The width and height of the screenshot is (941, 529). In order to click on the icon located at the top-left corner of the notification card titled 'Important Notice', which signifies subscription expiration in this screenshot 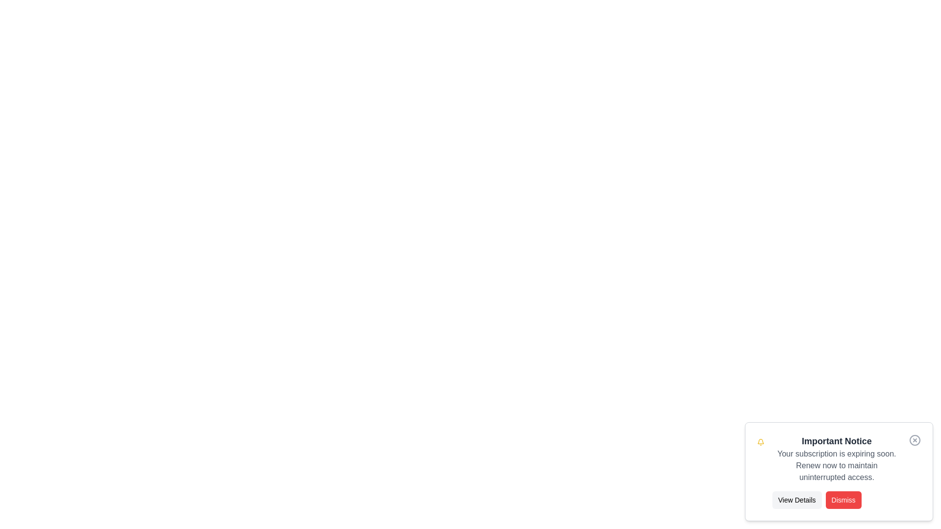, I will do `click(760, 442)`.